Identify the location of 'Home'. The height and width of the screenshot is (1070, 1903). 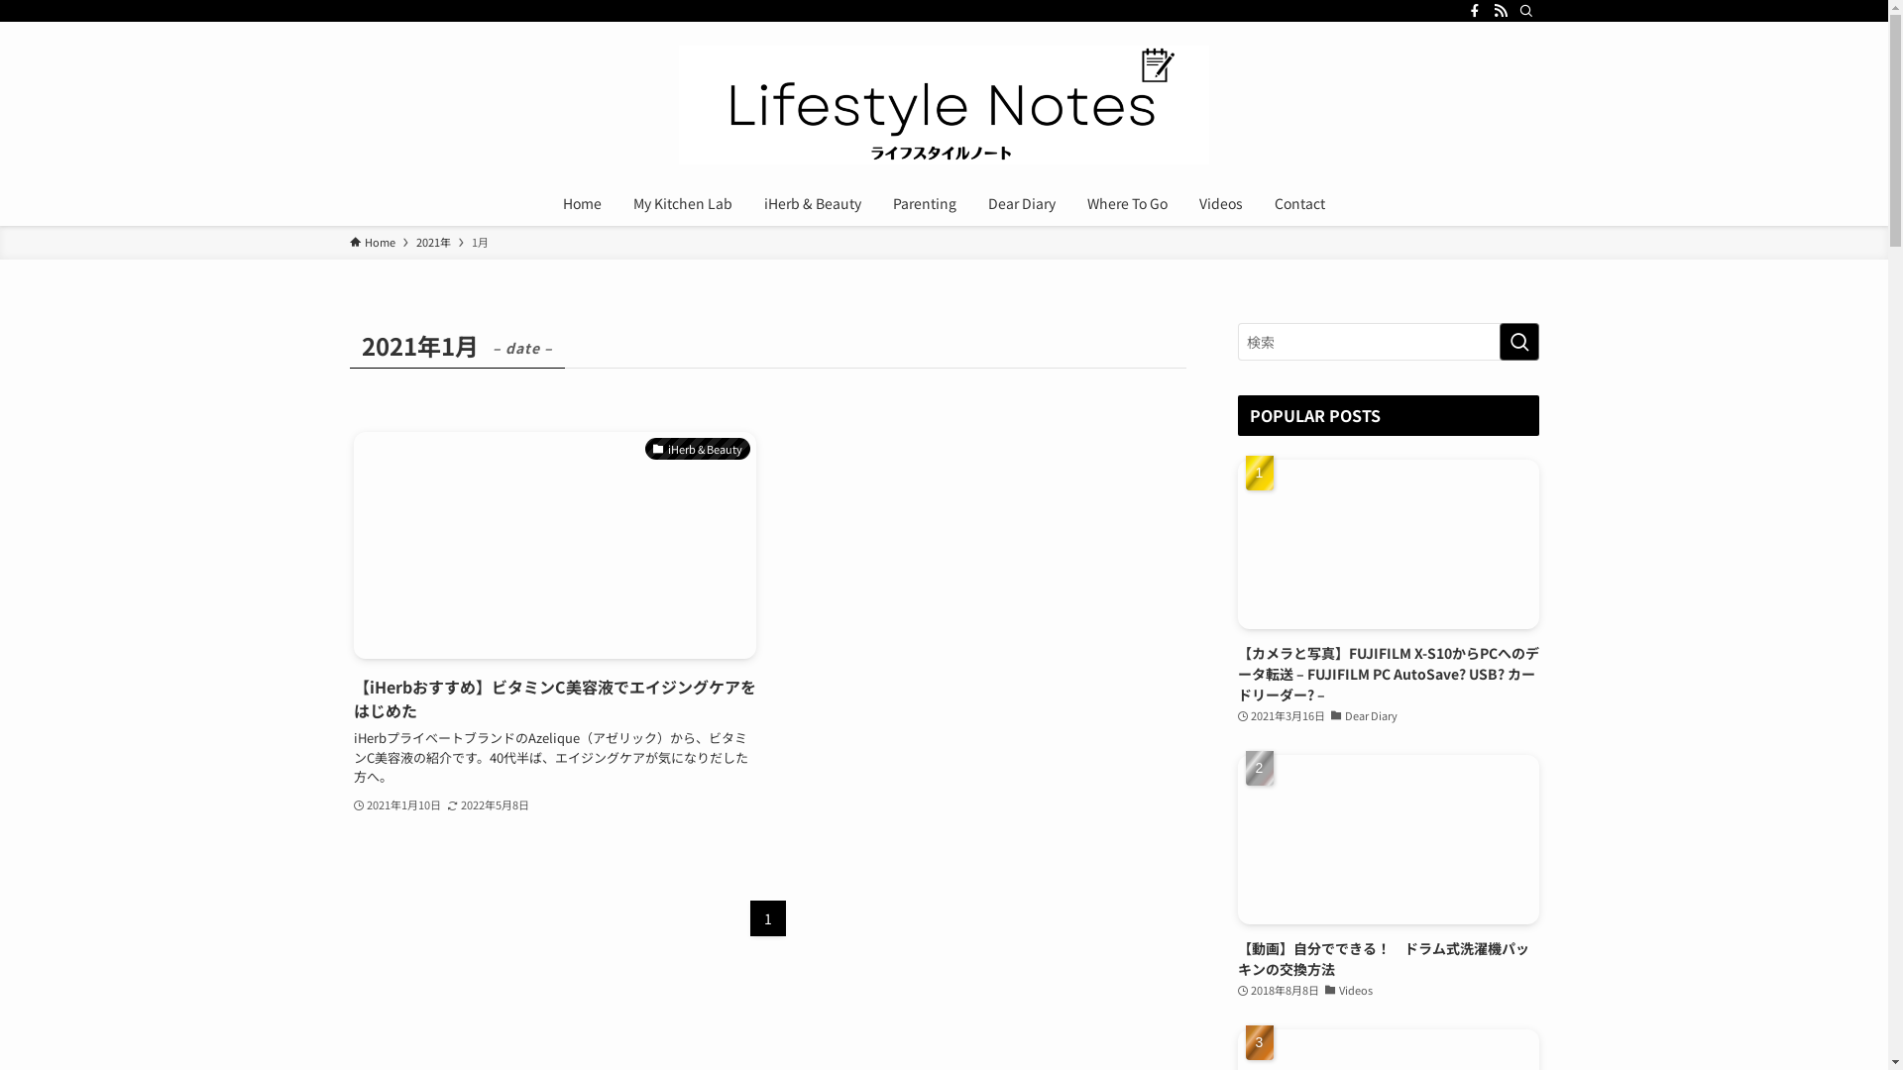
(581, 202).